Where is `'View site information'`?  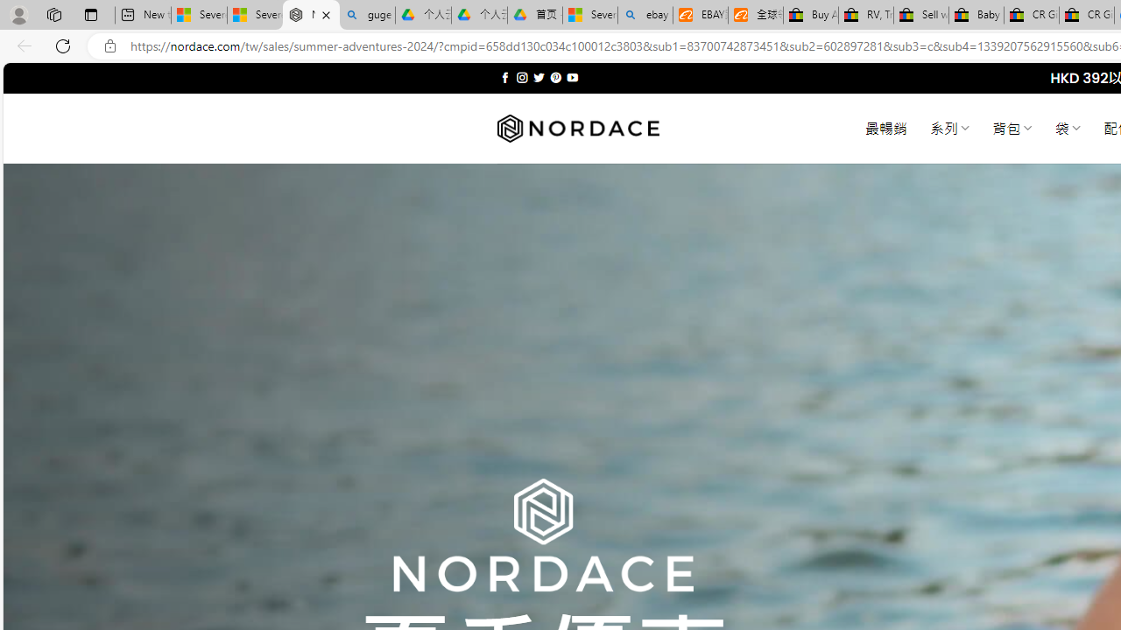
'View site information' is located at coordinates (109, 45).